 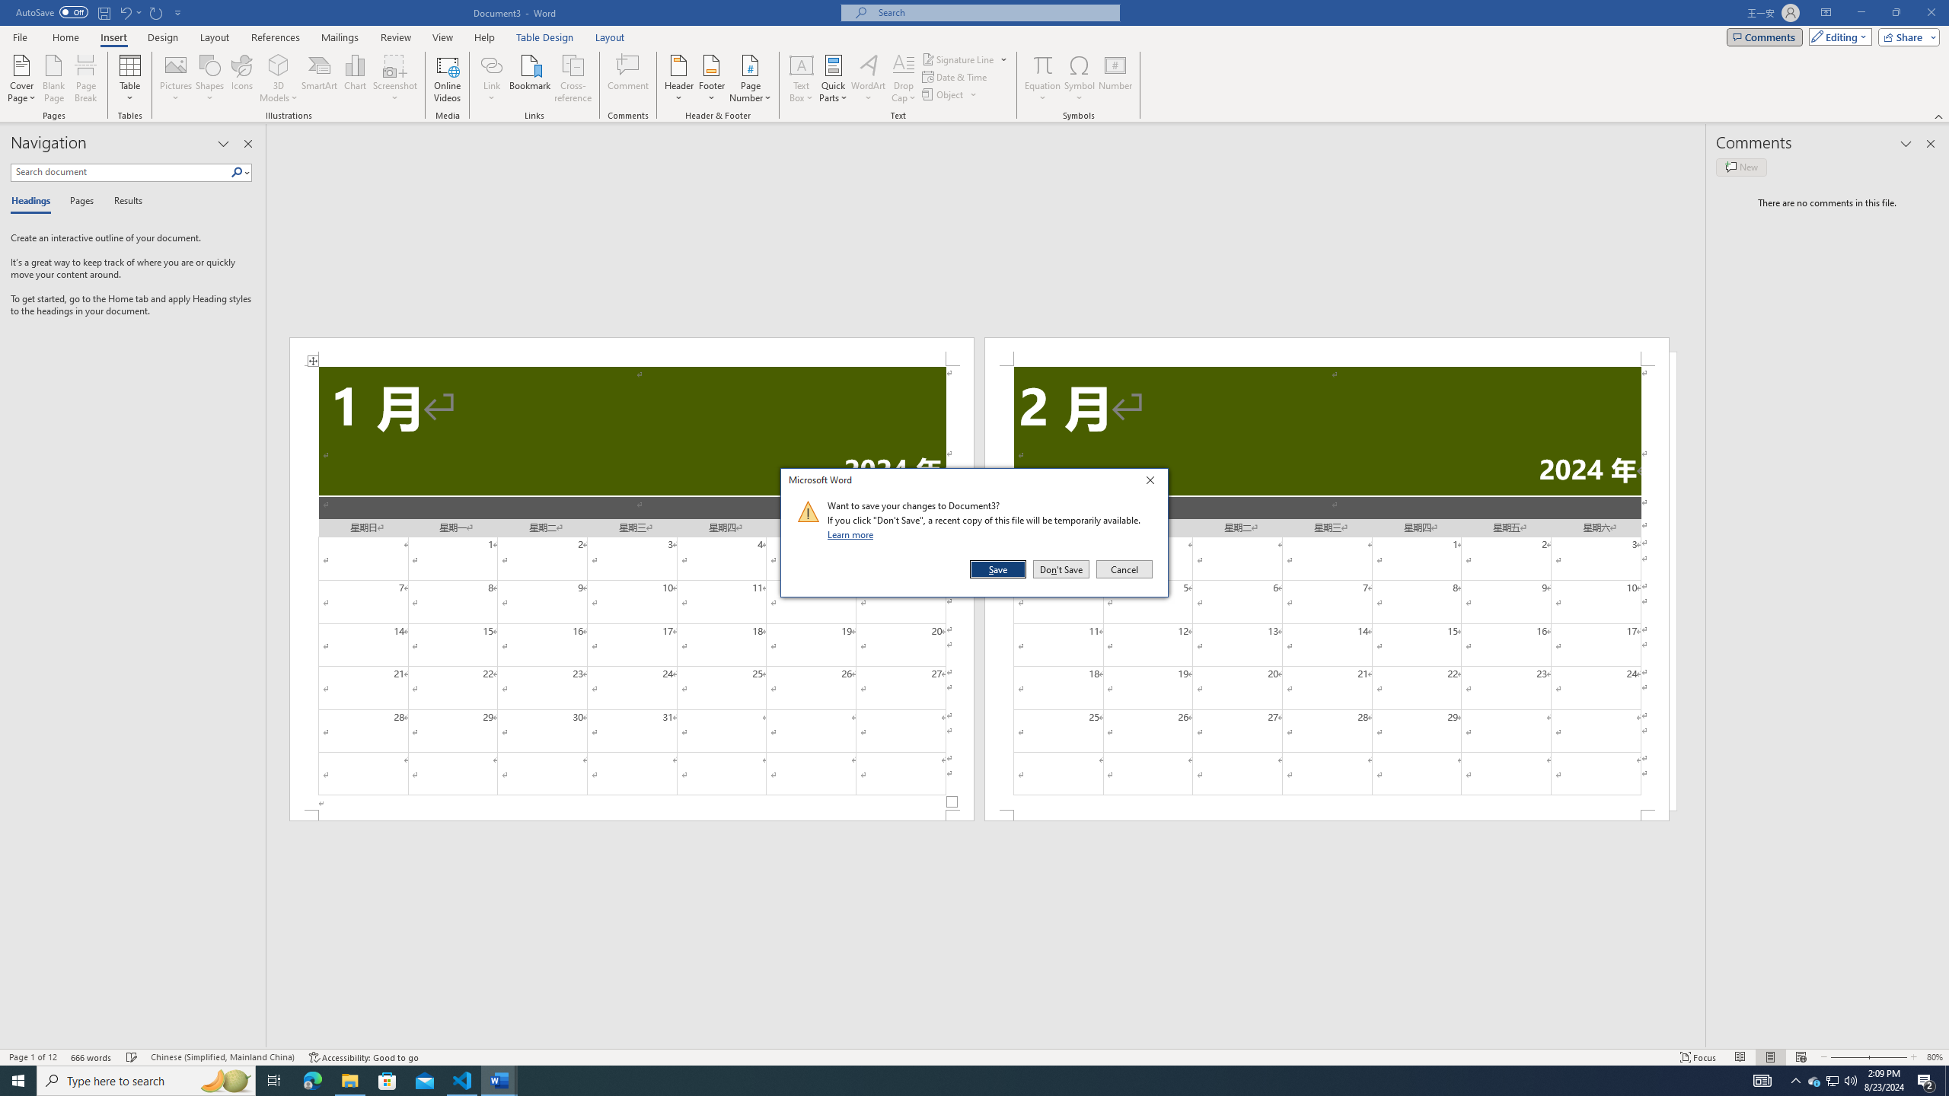 I want to click on 'Symbol', so click(x=1080, y=78).